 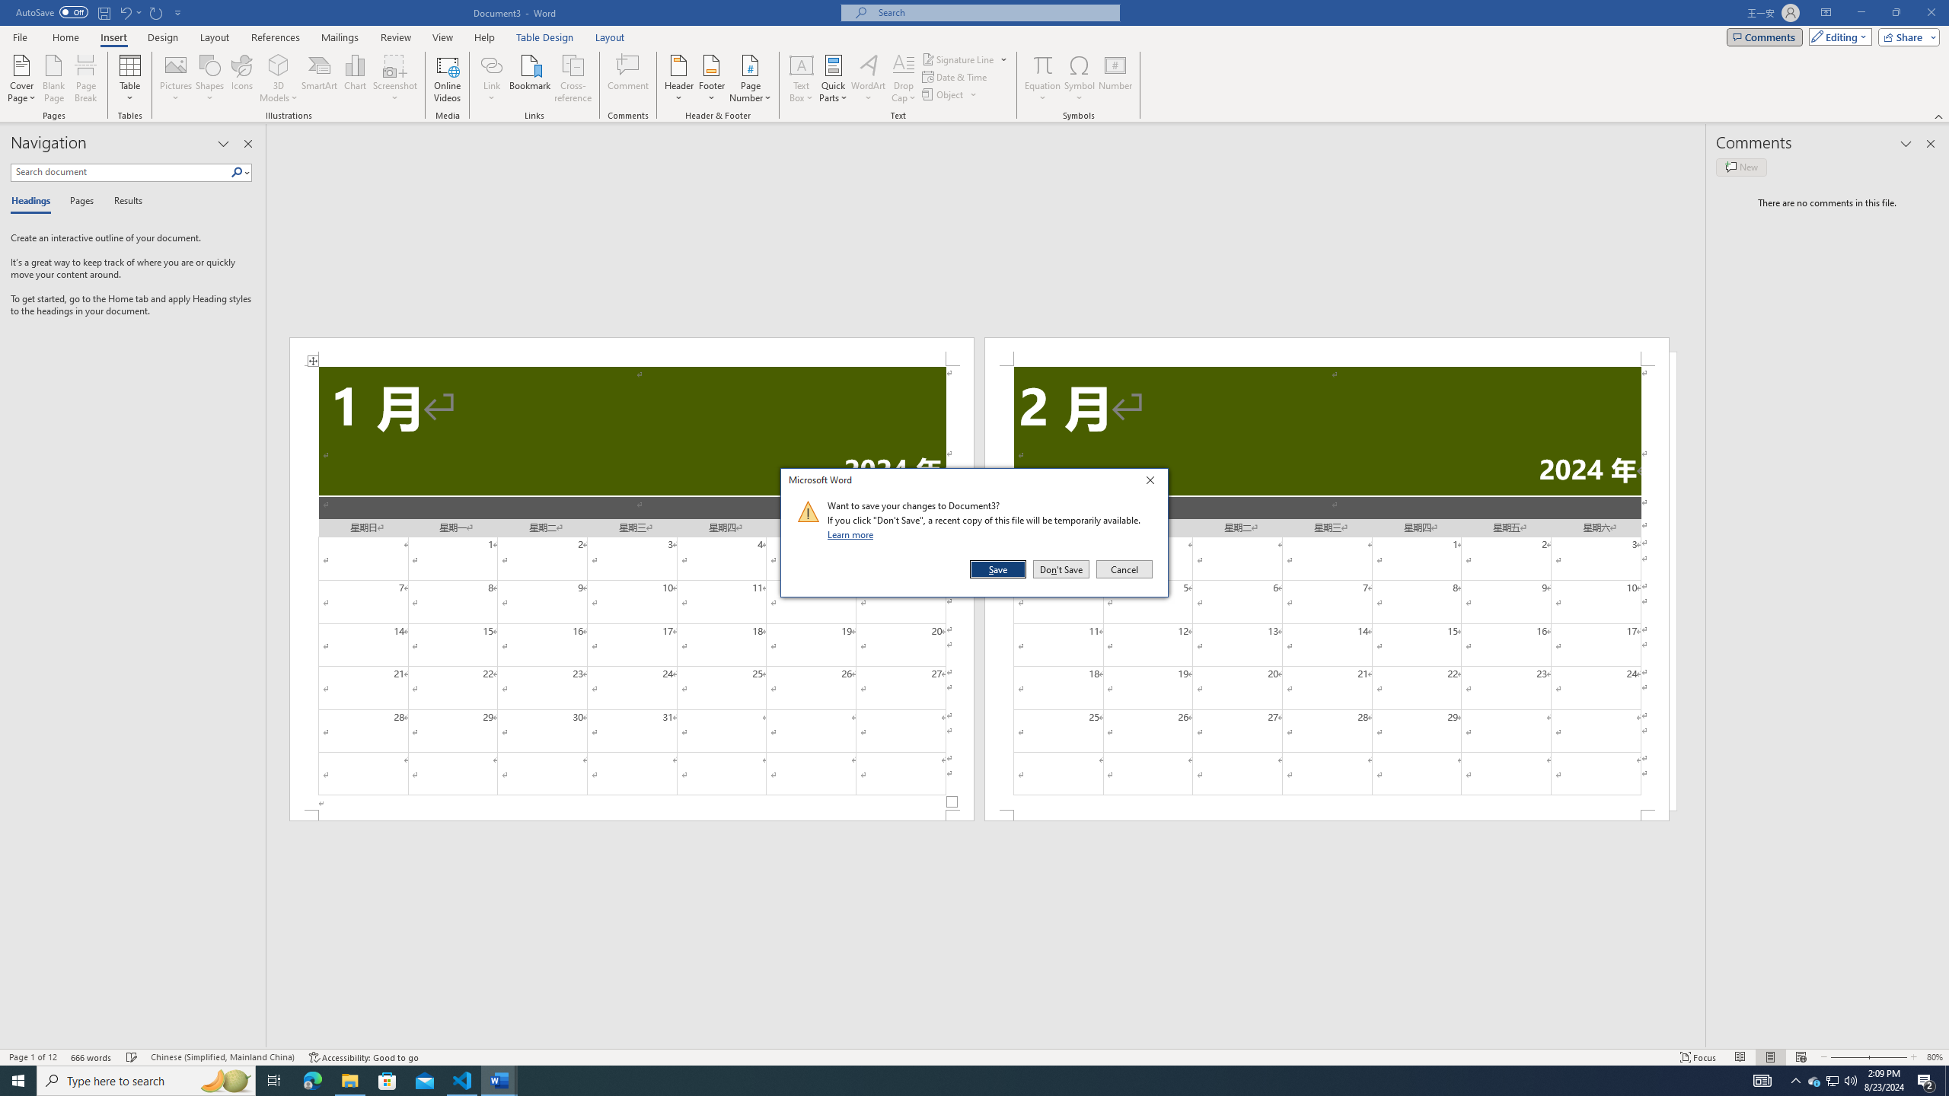 I want to click on 'Symbol', so click(x=1080, y=78).